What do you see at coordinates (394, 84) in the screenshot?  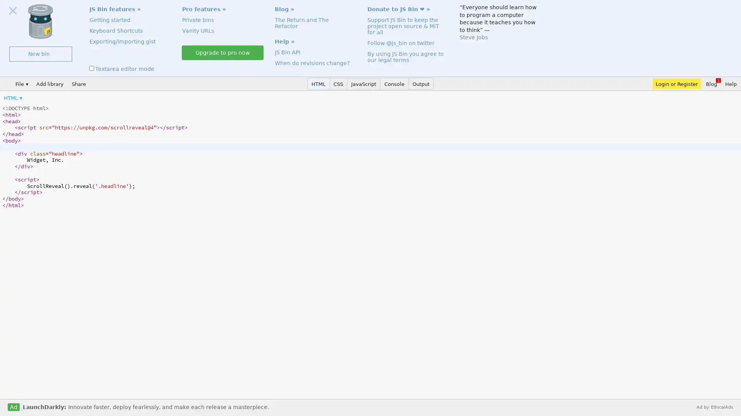 I see `Console Panel: Inactive` at bounding box center [394, 84].